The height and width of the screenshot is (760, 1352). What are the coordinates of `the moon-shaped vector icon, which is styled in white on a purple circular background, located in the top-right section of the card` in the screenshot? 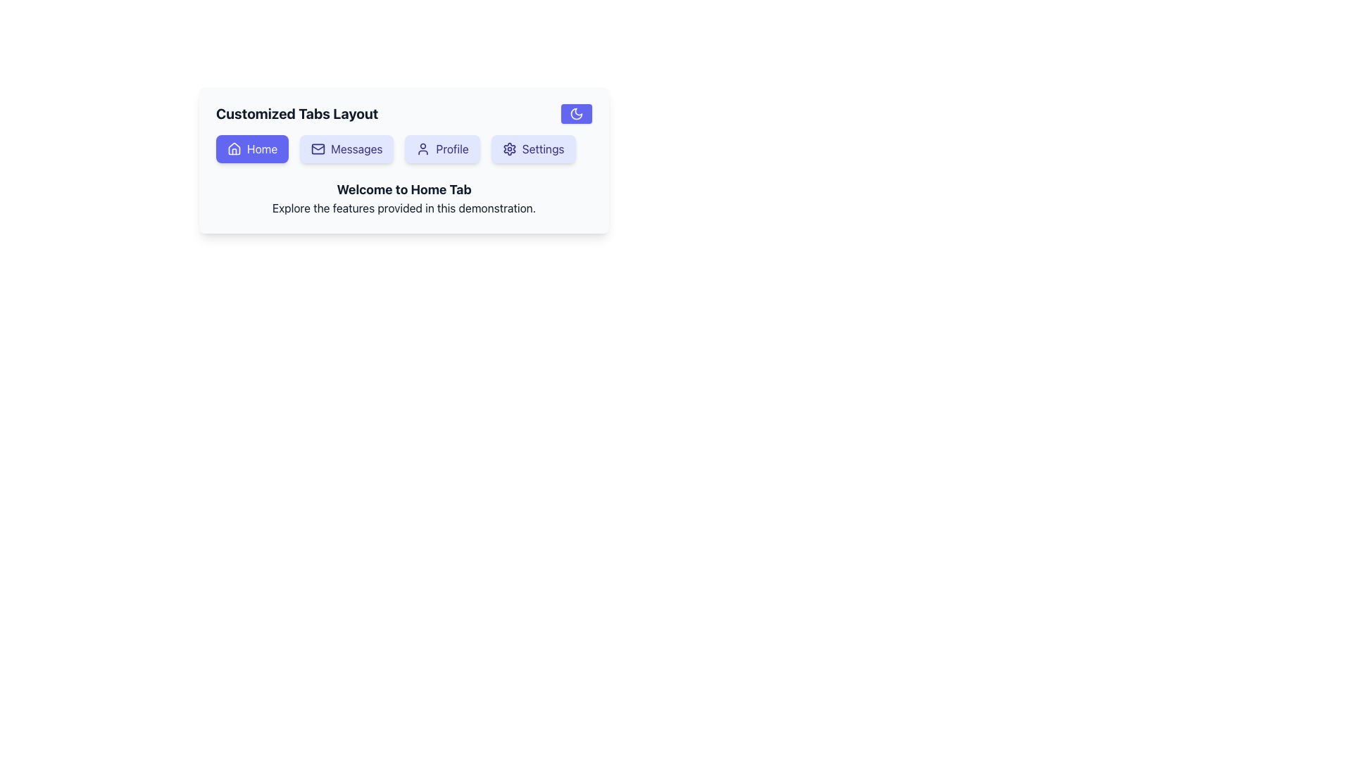 It's located at (577, 113).